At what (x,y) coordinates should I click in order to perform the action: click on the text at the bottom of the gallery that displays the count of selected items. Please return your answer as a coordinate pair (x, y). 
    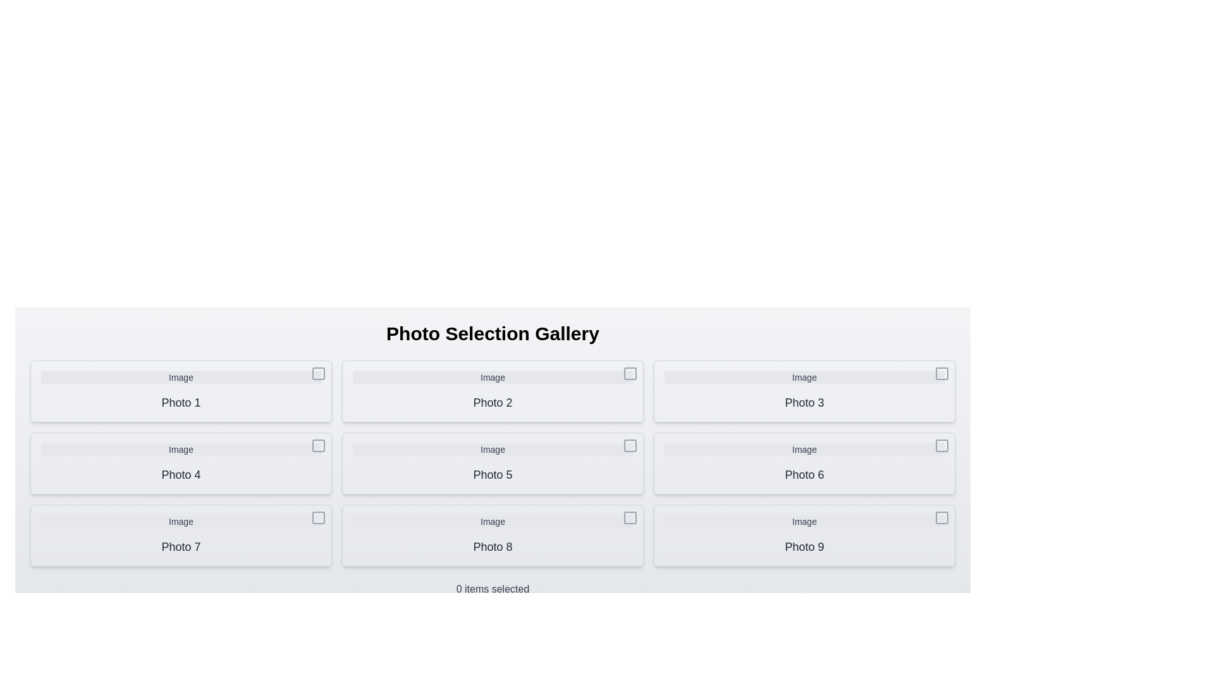
    Looking at the image, I should click on (492, 589).